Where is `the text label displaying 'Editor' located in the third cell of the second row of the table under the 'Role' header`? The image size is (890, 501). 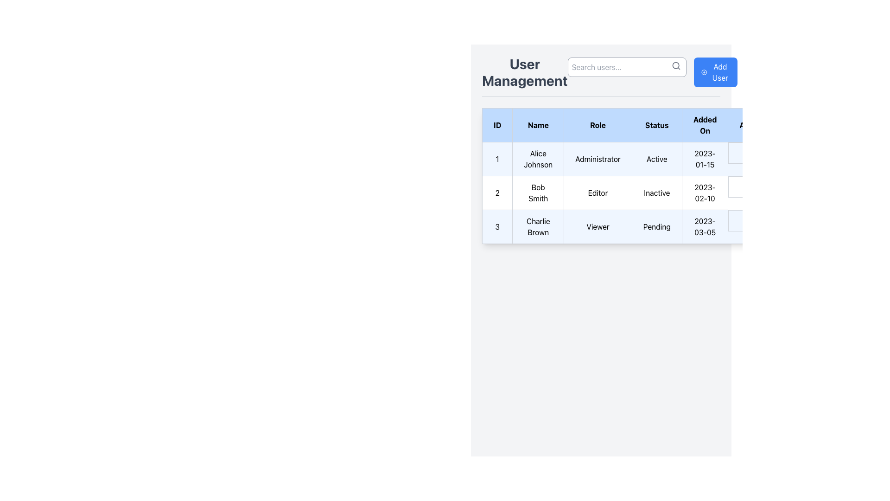
the text label displaying 'Editor' located in the third cell of the second row of the table under the 'Role' header is located at coordinates (598, 193).